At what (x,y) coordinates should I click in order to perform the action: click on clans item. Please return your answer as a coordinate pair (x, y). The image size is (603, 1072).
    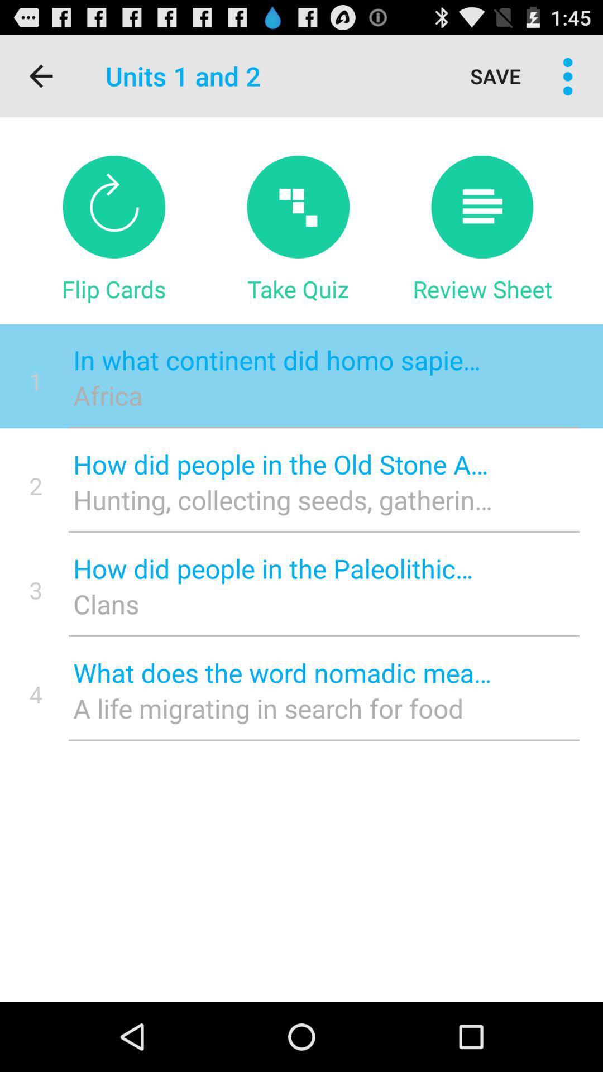
    Looking at the image, I should click on (282, 603).